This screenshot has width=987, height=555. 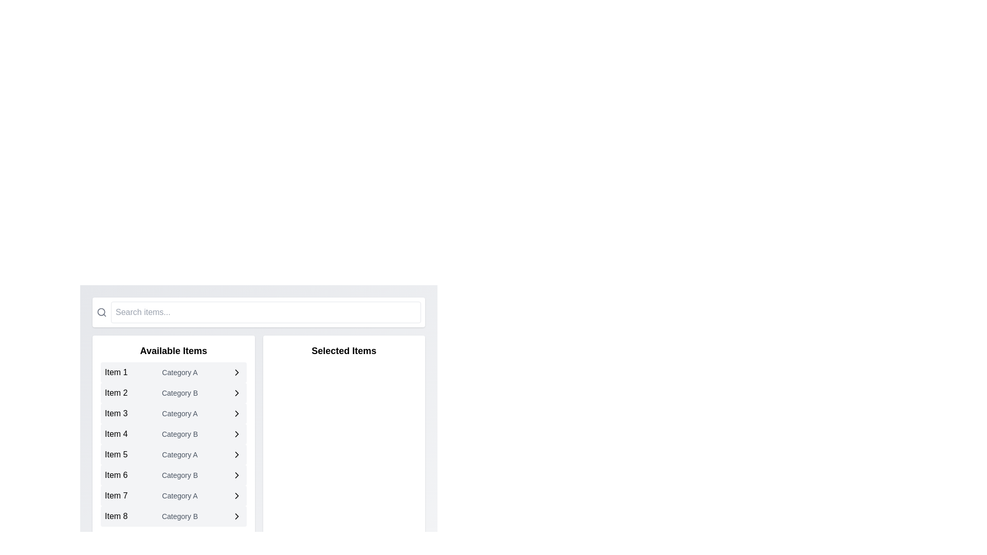 What do you see at coordinates (180, 413) in the screenshot?
I see `text label located below 'Item 3' in the 'Available Items' list, which categorizes or labels the item above it` at bounding box center [180, 413].